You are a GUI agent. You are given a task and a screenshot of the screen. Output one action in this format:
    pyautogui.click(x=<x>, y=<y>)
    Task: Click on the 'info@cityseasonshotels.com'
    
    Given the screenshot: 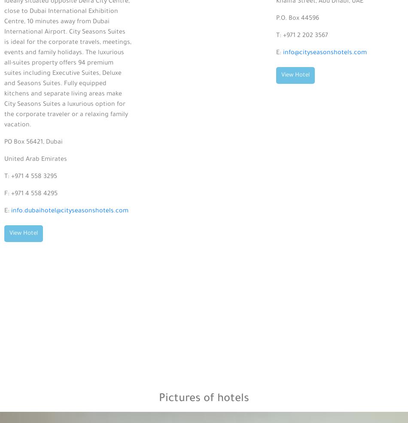 What is the action you would take?
    pyautogui.click(x=324, y=52)
    